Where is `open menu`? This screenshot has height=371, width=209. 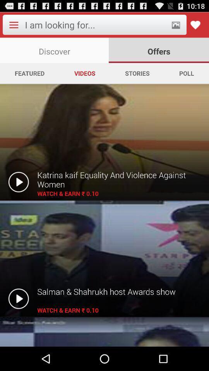 open menu is located at coordinates (14, 25).